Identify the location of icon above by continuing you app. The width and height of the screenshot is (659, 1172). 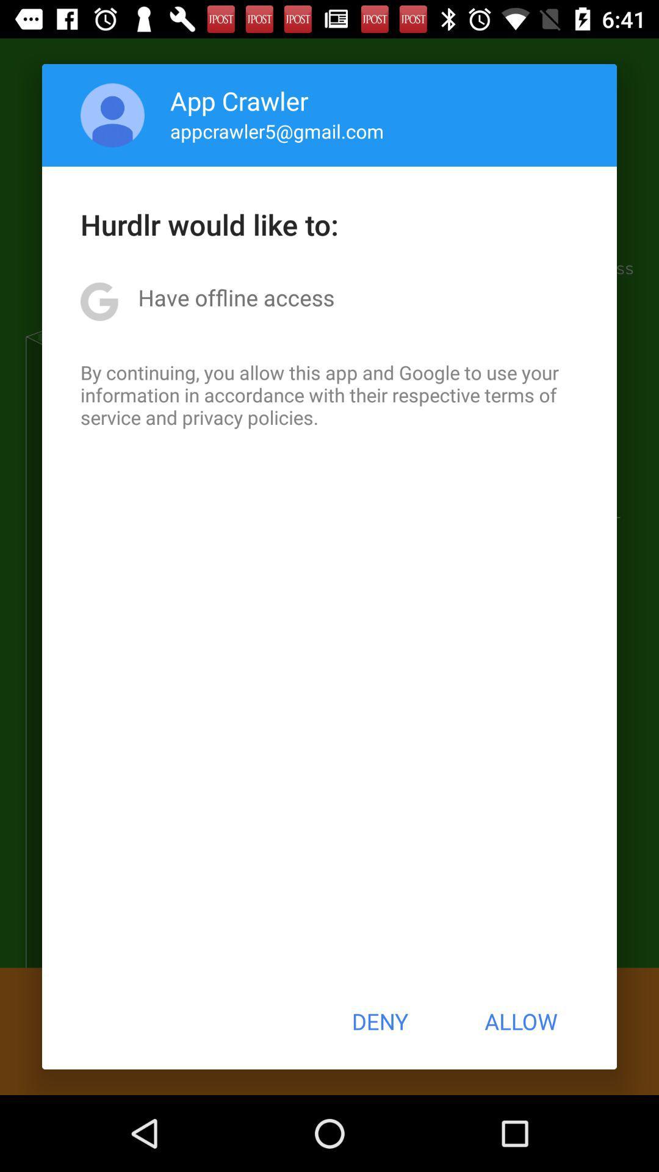
(236, 297).